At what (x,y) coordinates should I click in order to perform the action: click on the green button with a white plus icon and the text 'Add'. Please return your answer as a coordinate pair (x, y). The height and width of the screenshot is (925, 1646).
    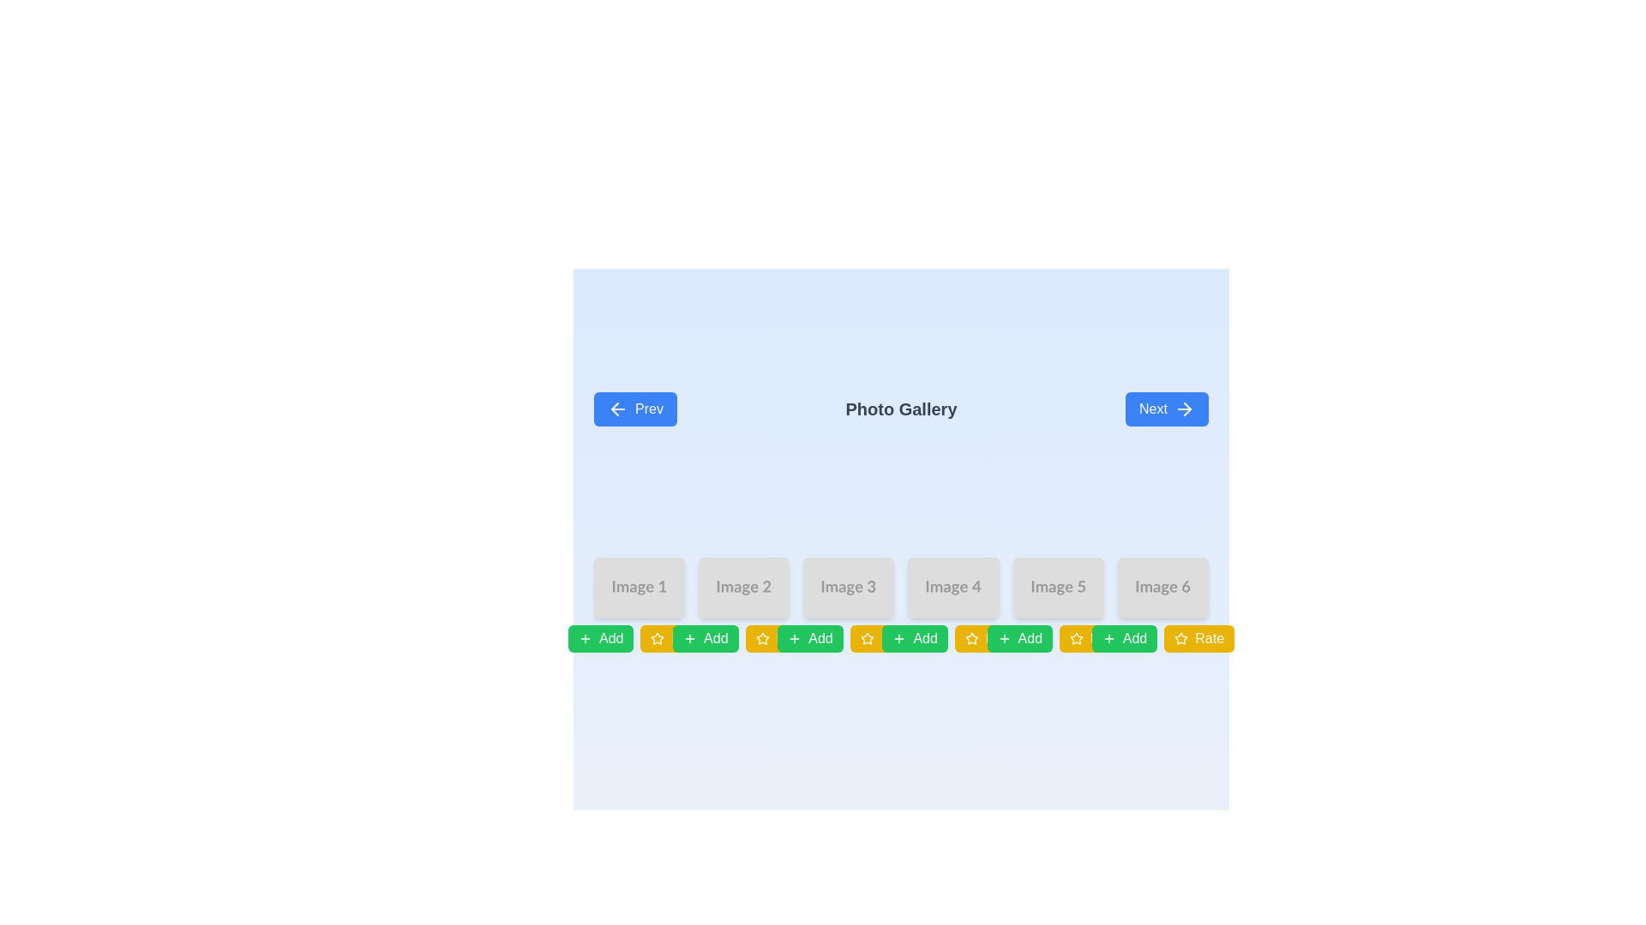
    Looking at the image, I should click on (1124, 638).